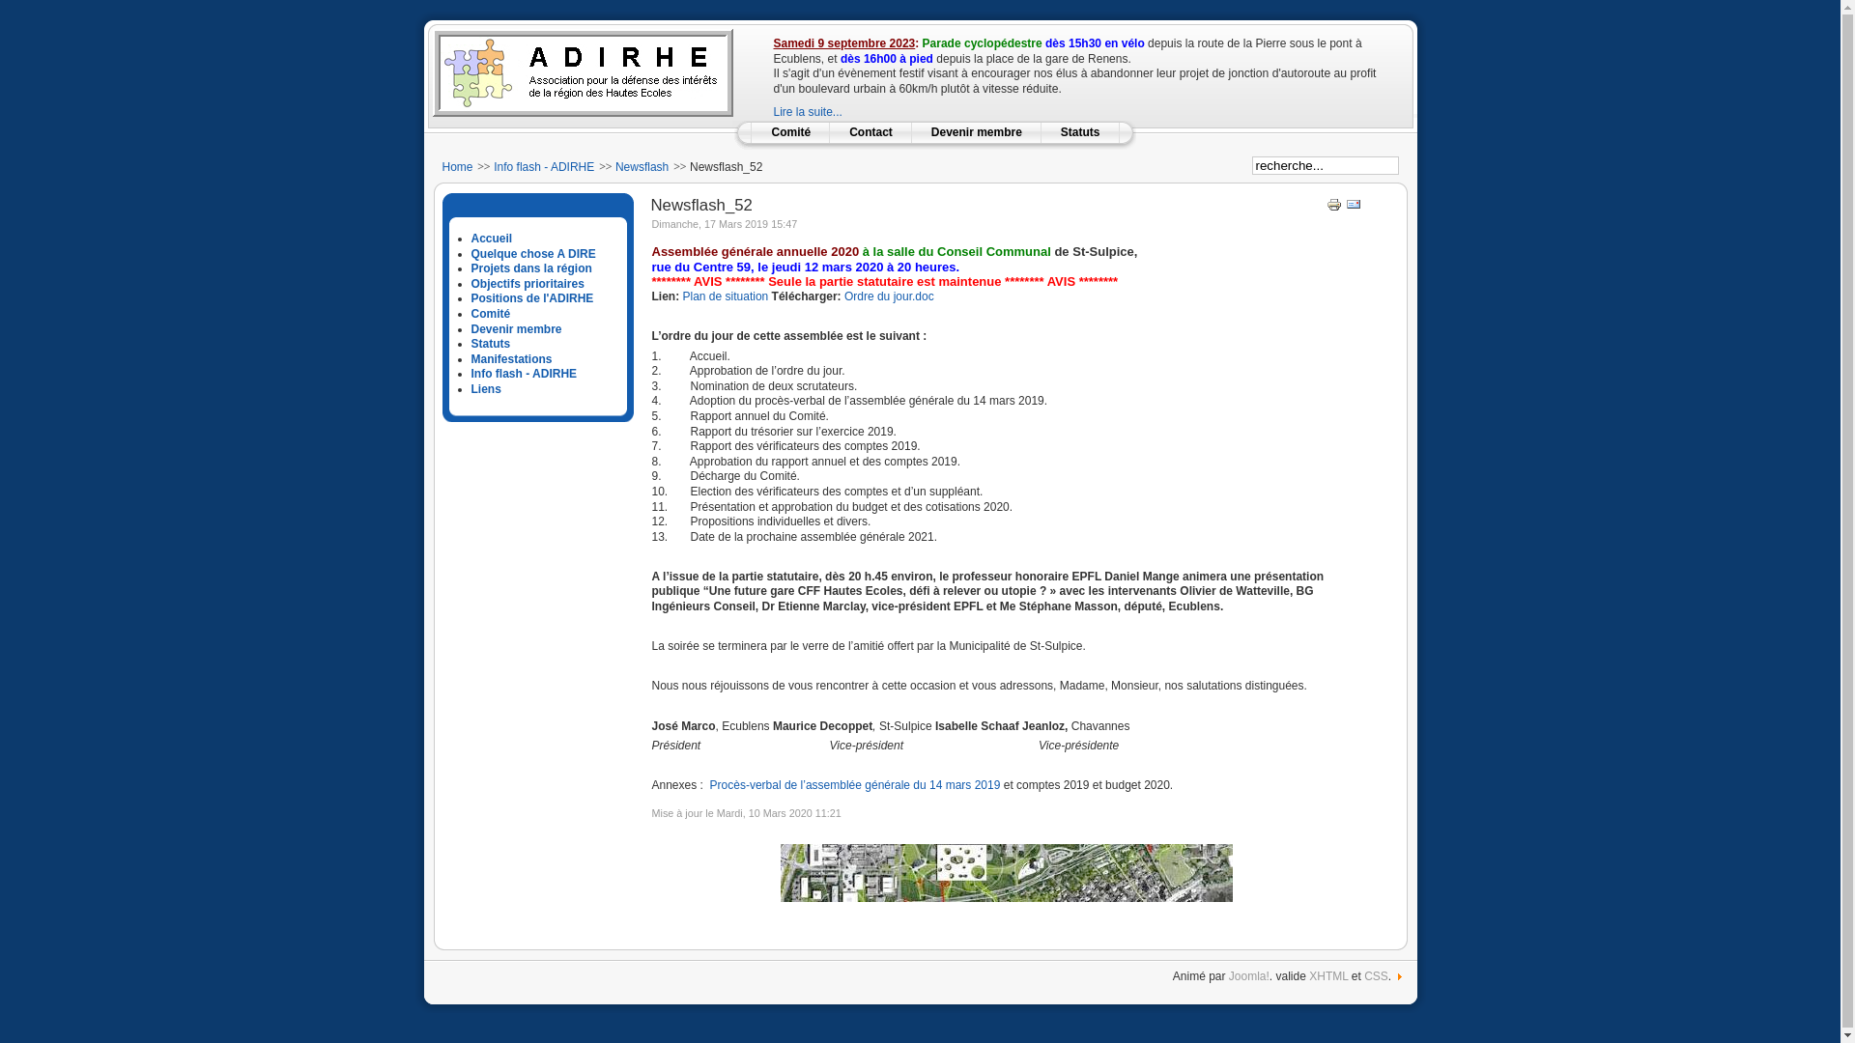 The width and height of the screenshot is (1855, 1043). Describe the element at coordinates (642, 166) in the screenshot. I see `'Newsflash'` at that location.